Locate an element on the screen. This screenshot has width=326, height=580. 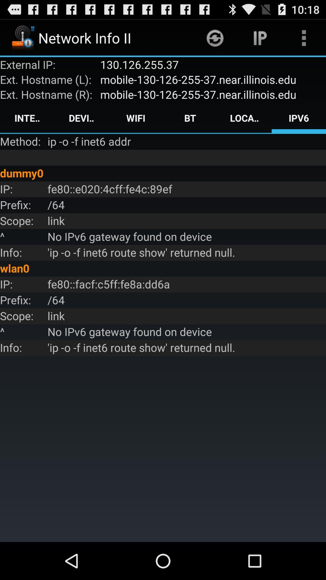
icon next to location is located at coordinates (190, 118).